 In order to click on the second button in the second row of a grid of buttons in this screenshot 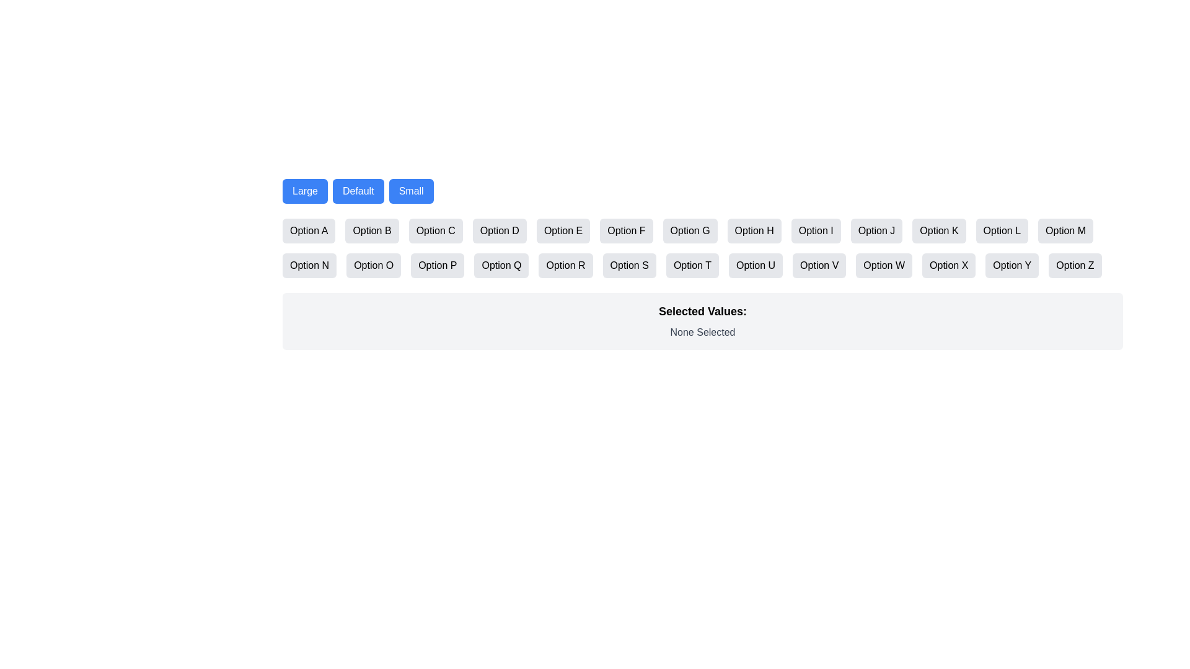, I will do `click(373, 265)`.